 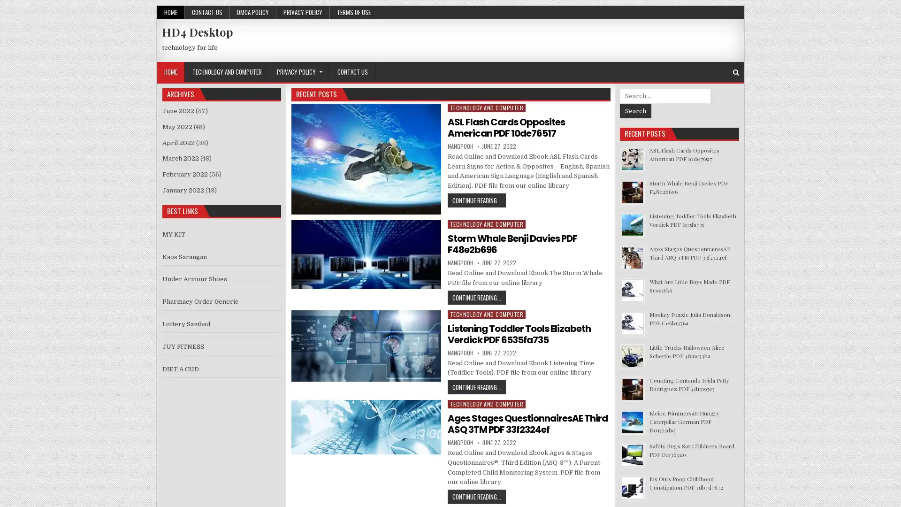 I want to click on Search, so click(x=635, y=110).